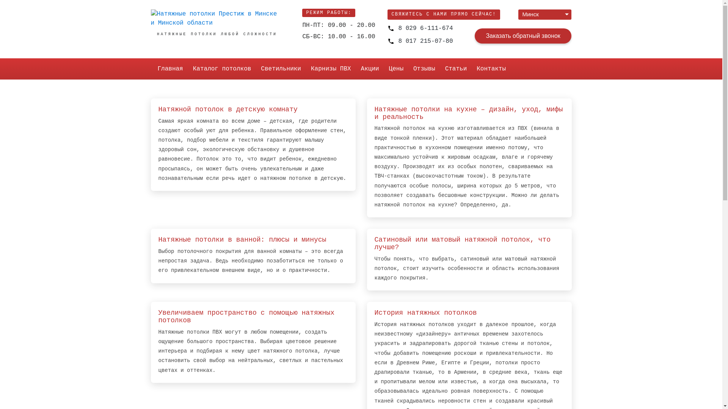 The height and width of the screenshot is (409, 728). What do you see at coordinates (420, 41) in the screenshot?
I see `'8 017 215-07-80'` at bounding box center [420, 41].